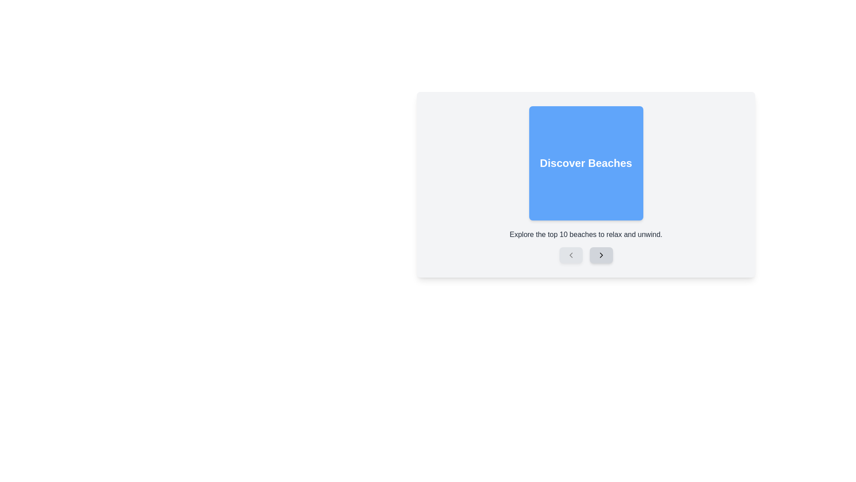 The image size is (856, 482). Describe the element at coordinates (571, 255) in the screenshot. I see `the leftward arrow icon indicating a 'previous' or 'back' action, styled with thin, rounded lines, located at the bottom-left of the central card` at that location.